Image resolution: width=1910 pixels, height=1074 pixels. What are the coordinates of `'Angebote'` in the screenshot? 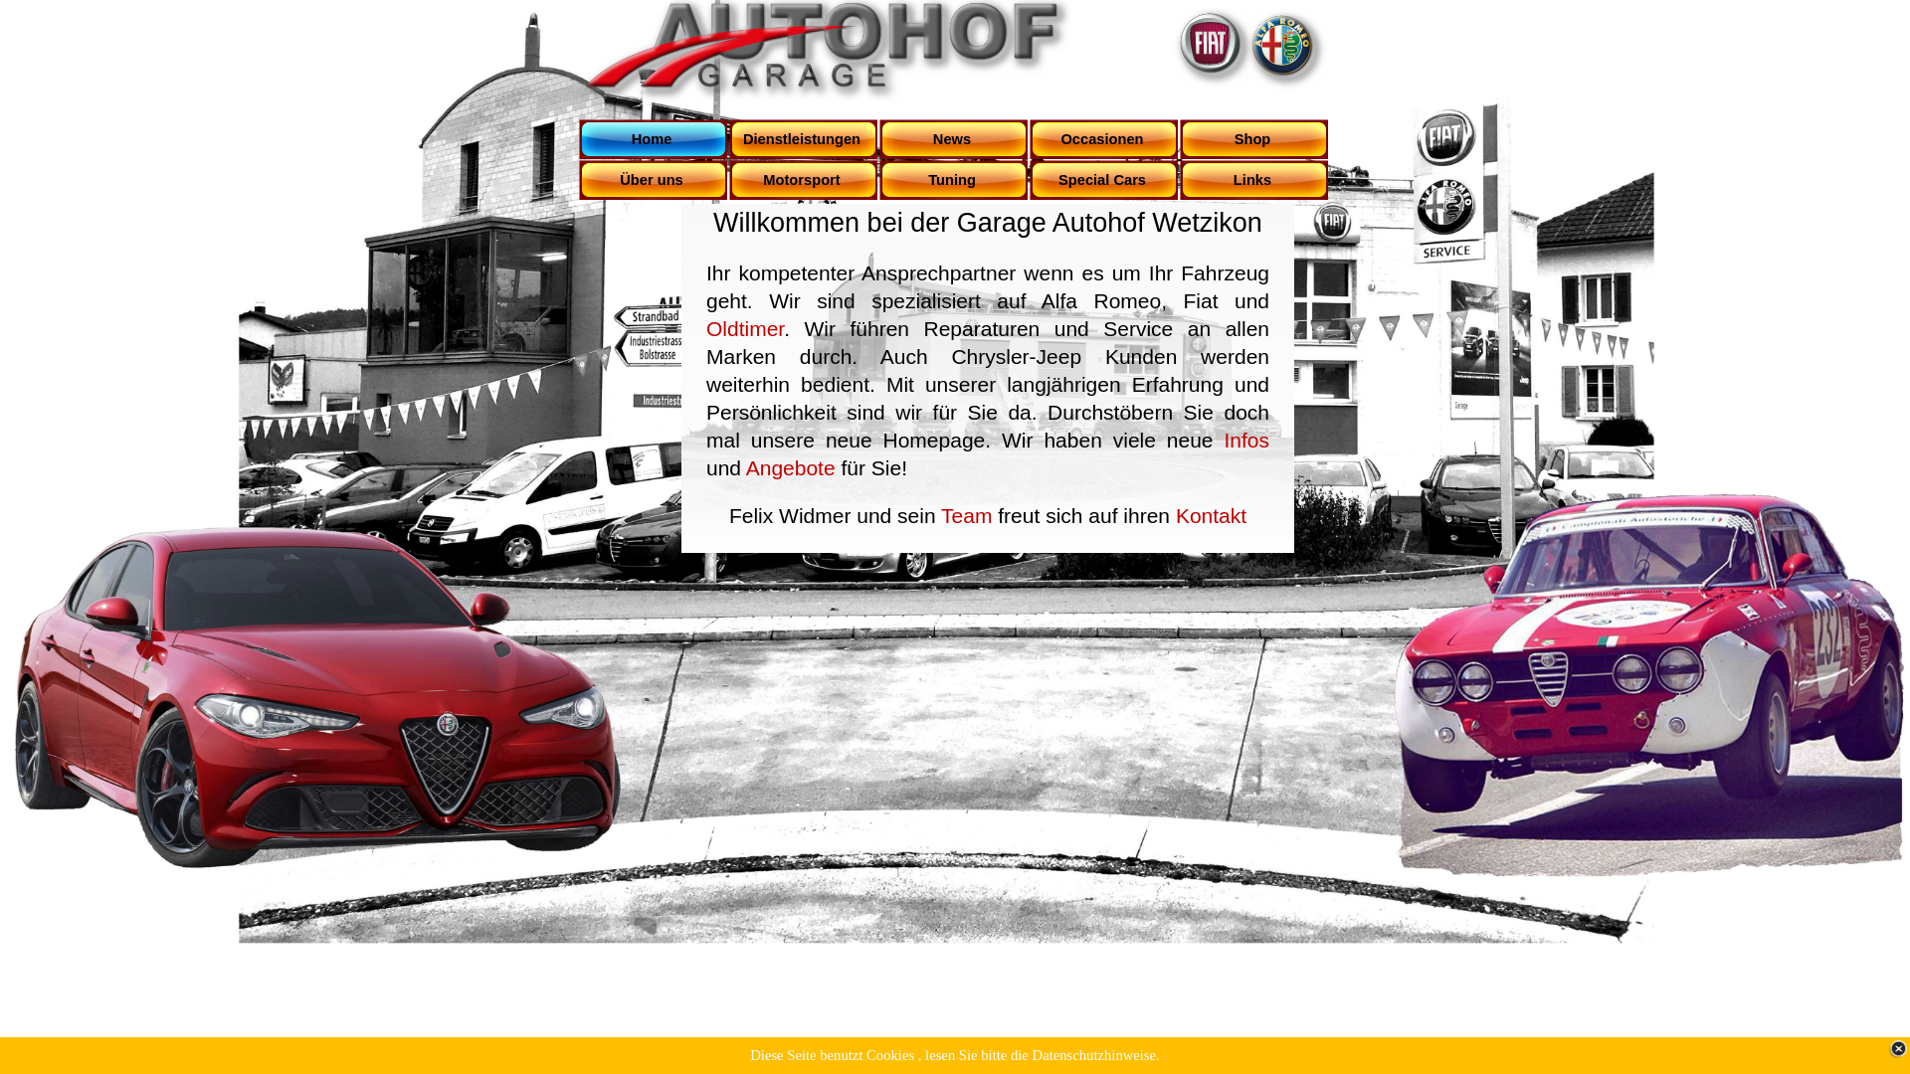 It's located at (790, 467).